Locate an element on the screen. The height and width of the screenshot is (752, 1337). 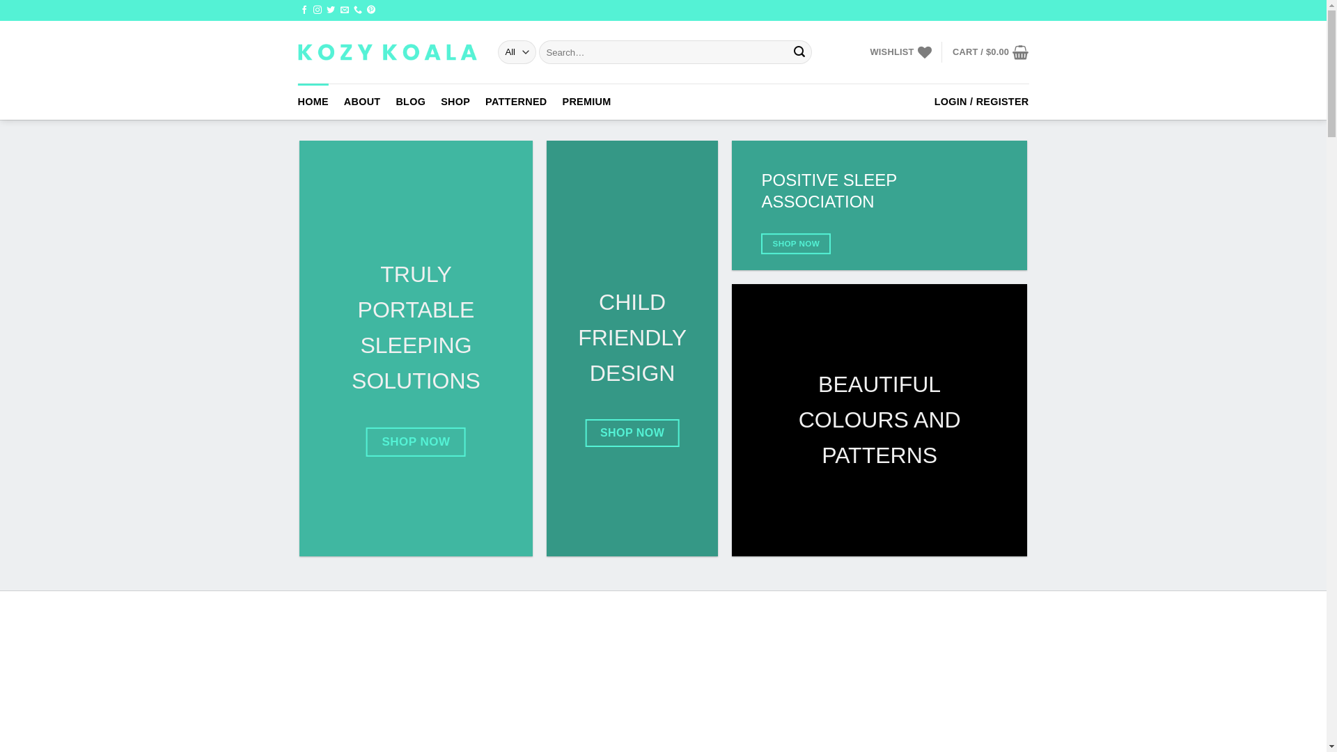
'HOME' is located at coordinates (313, 101).